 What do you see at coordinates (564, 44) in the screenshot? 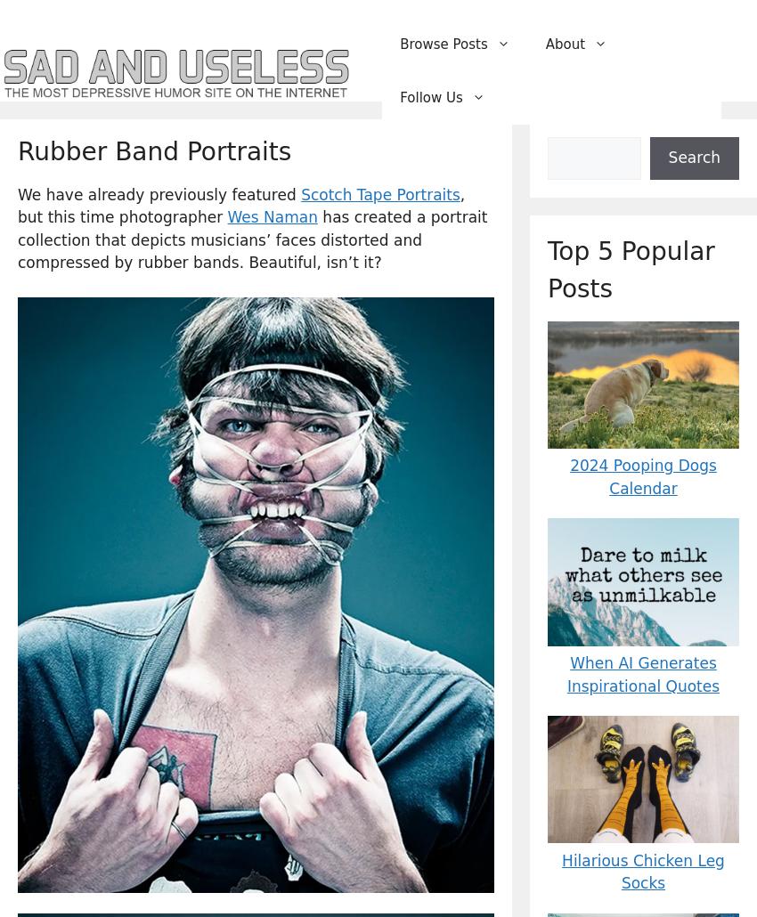
I see `'About'` at bounding box center [564, 44].